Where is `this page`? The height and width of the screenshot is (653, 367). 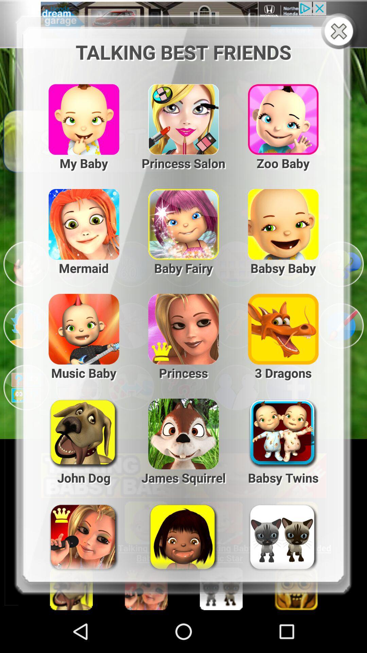 this page is located at coordinates (340, 32).